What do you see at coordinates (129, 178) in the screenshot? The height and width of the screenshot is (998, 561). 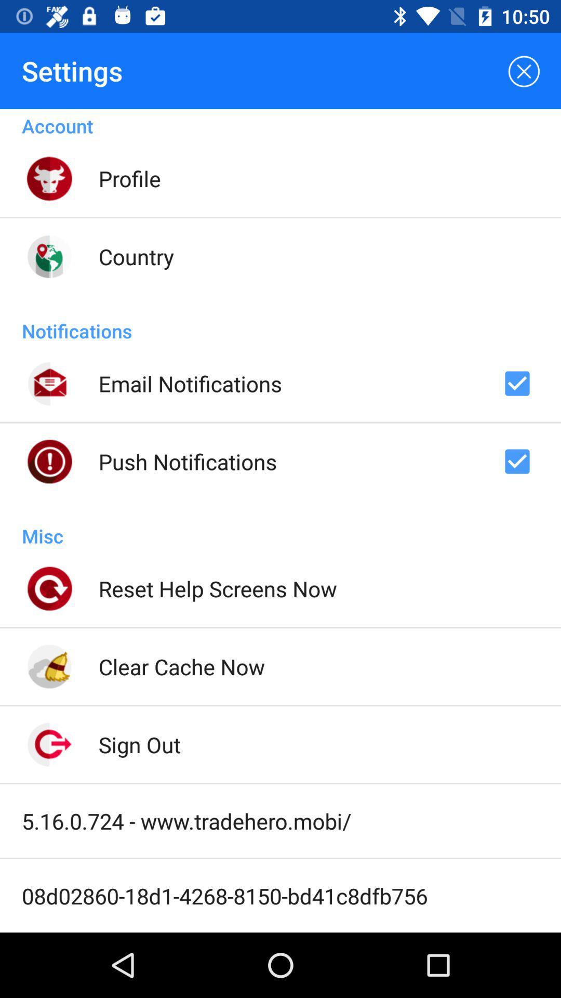 I see `item above country icon` at bounding box center [129, 178].